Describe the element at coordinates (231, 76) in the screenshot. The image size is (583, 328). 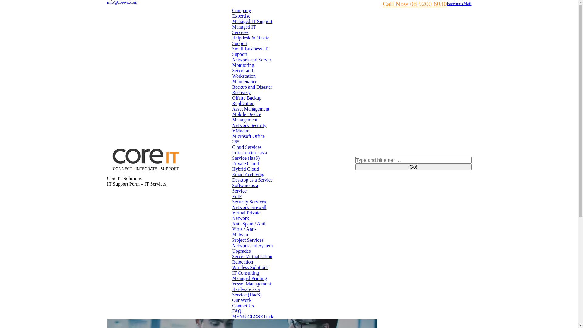
I see `'Server and Workstation Maintenance'` at that location.